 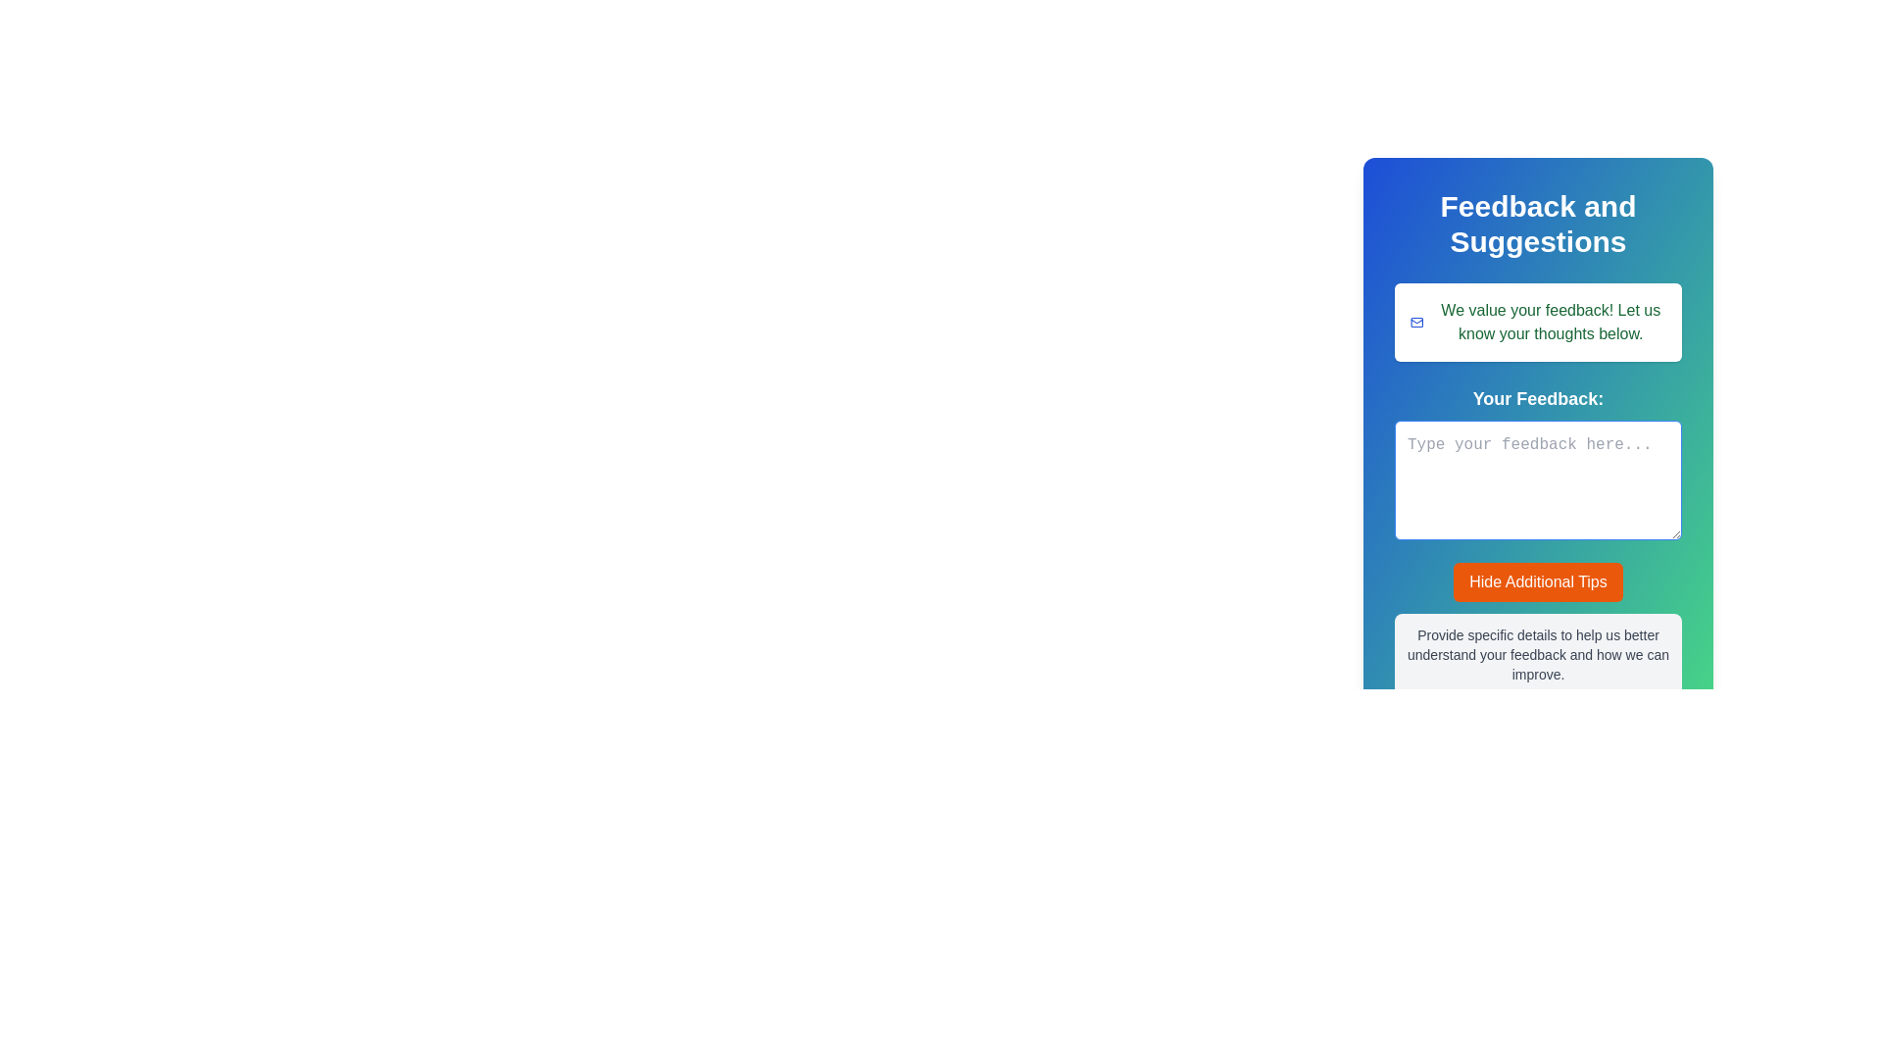 I want to click on the toggle button located centrally within the feedback form, so click(x=1537, y=581).